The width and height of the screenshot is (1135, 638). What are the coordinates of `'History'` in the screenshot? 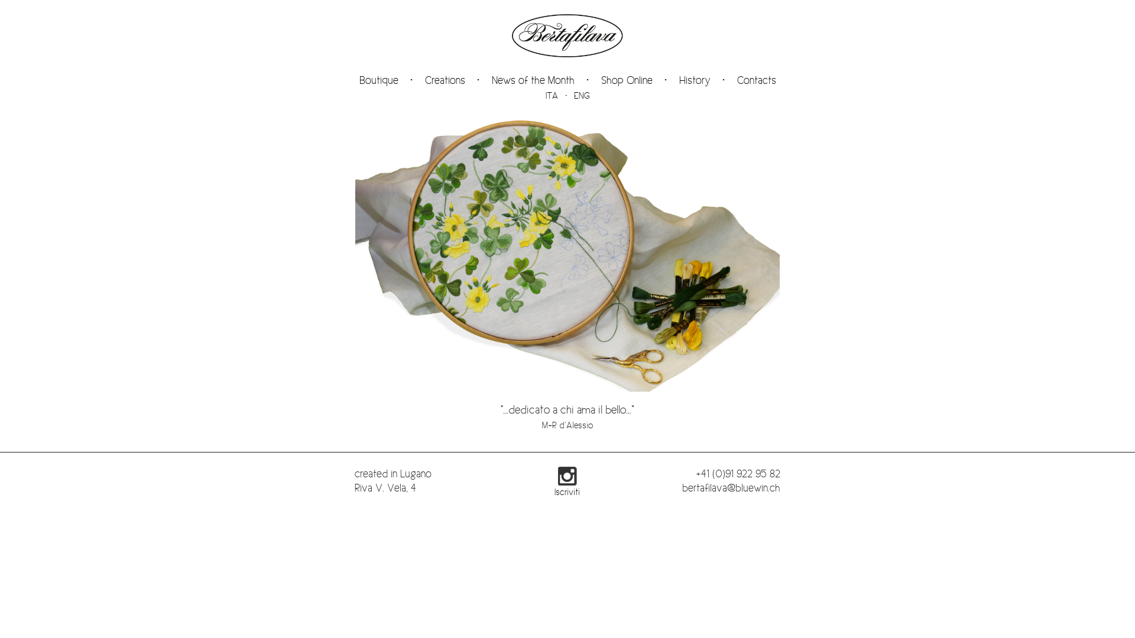 It's located at (694, 80).